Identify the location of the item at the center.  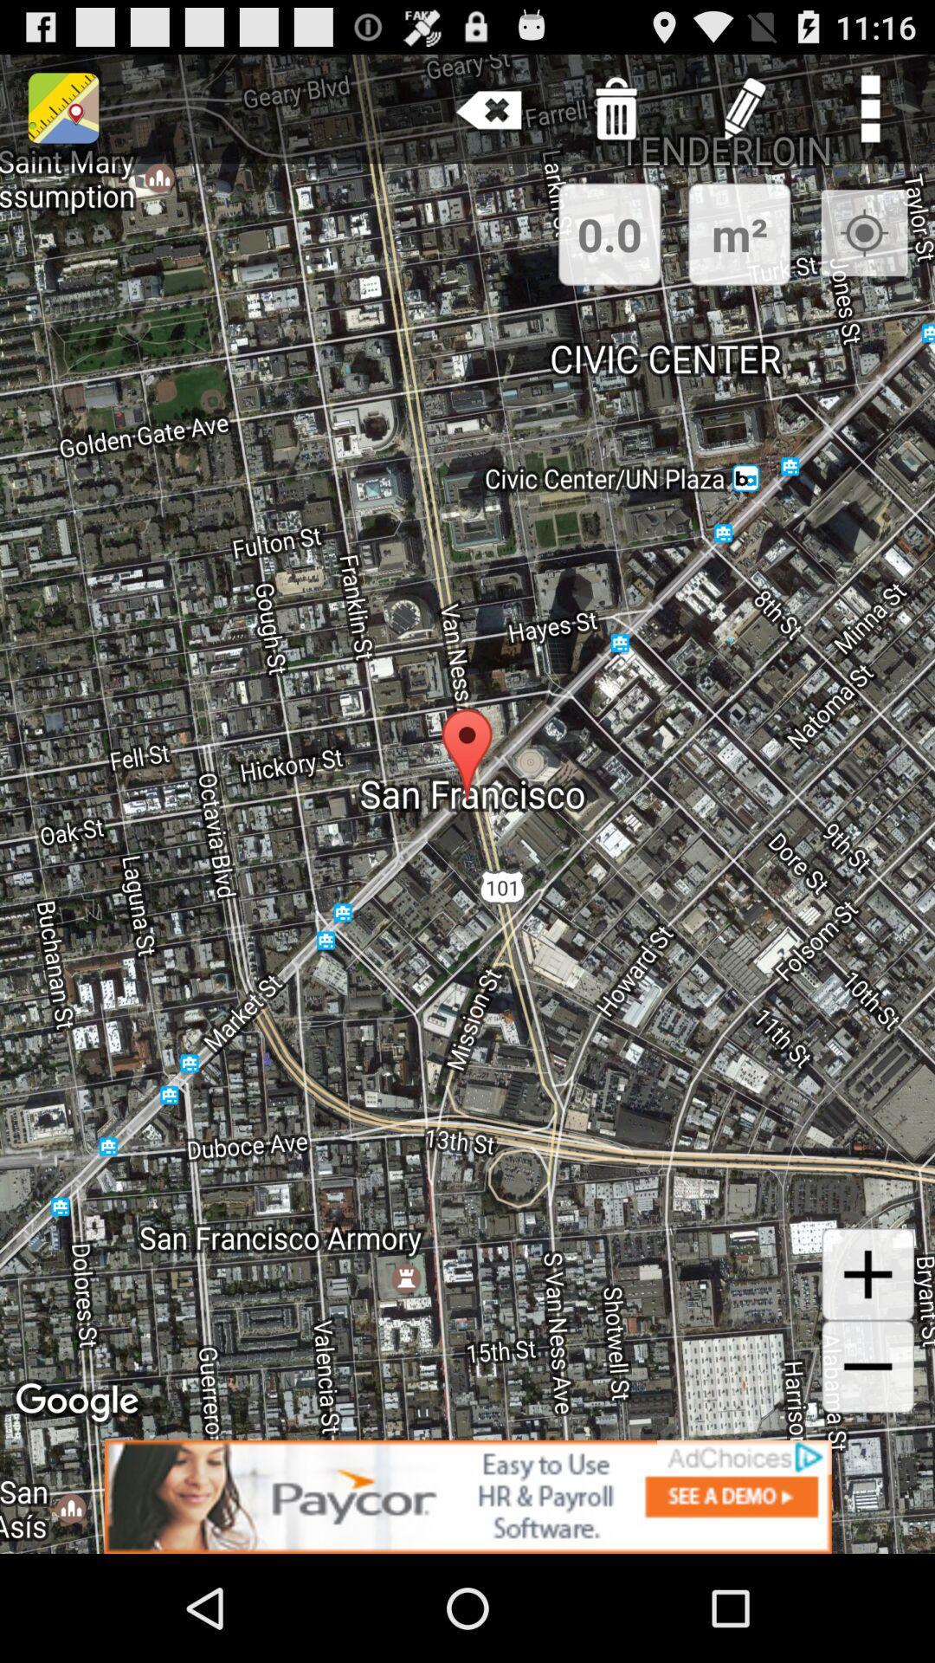
(467, 803).